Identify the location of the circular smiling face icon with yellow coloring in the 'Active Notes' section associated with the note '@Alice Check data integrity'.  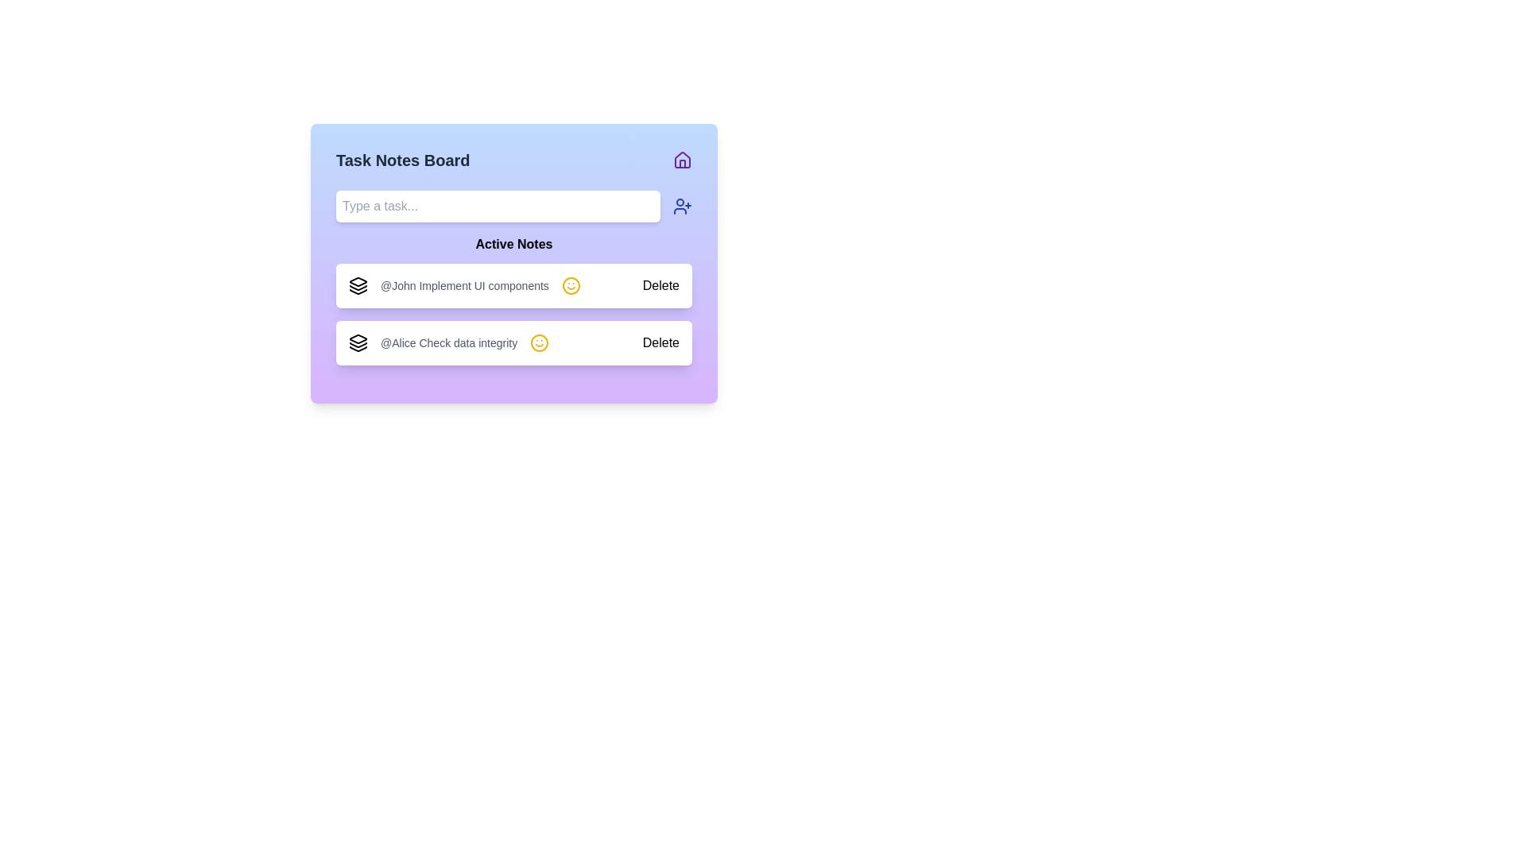
(540, 342).